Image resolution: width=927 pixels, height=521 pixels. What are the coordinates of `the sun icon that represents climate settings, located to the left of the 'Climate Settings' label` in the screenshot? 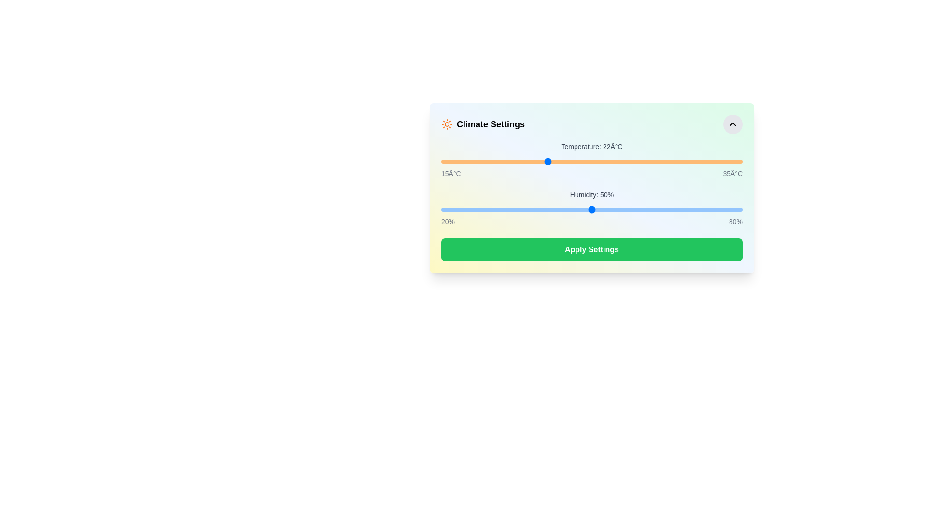 It's located at (447, 124).